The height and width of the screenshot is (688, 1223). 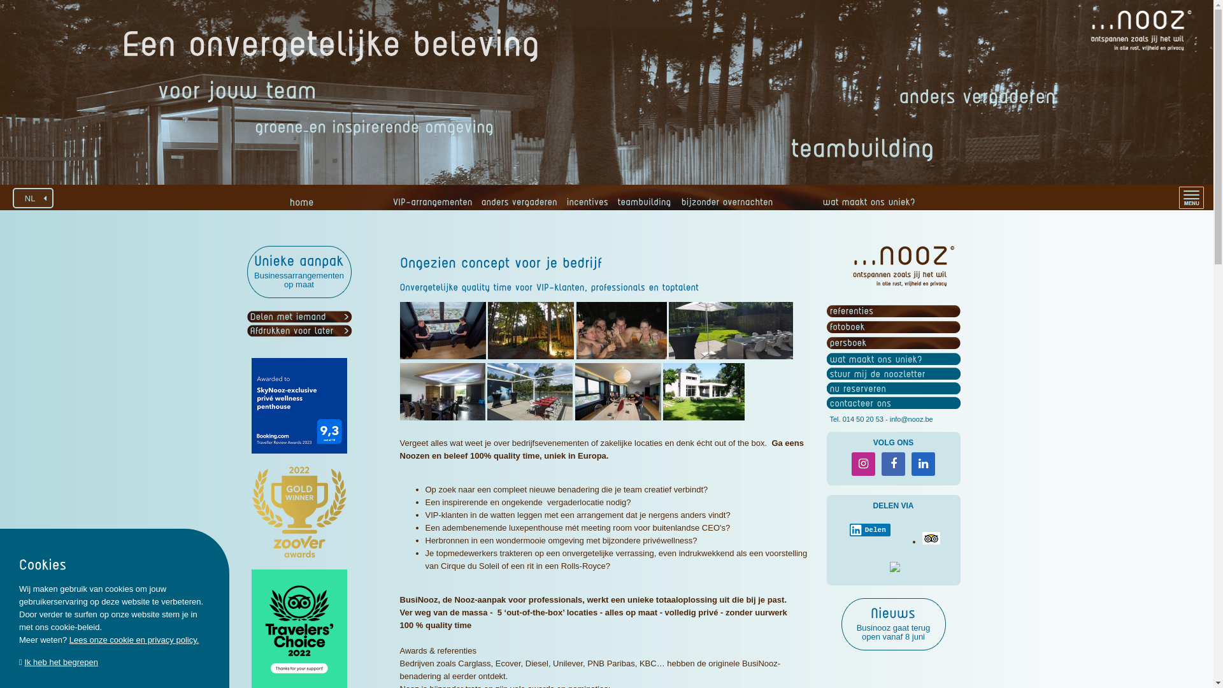 What do you see at coordinates (851, 311) in the screenshot?
I see `'referenties'` at bounding box center [851, 311].